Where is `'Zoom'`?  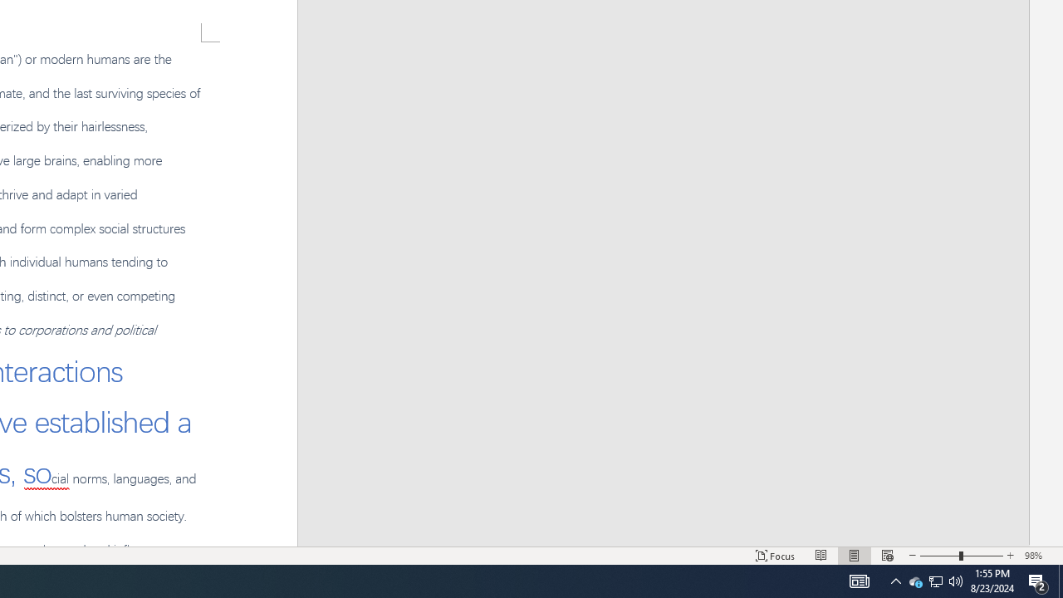 'Zoom' is located at coordinates (936, 580).